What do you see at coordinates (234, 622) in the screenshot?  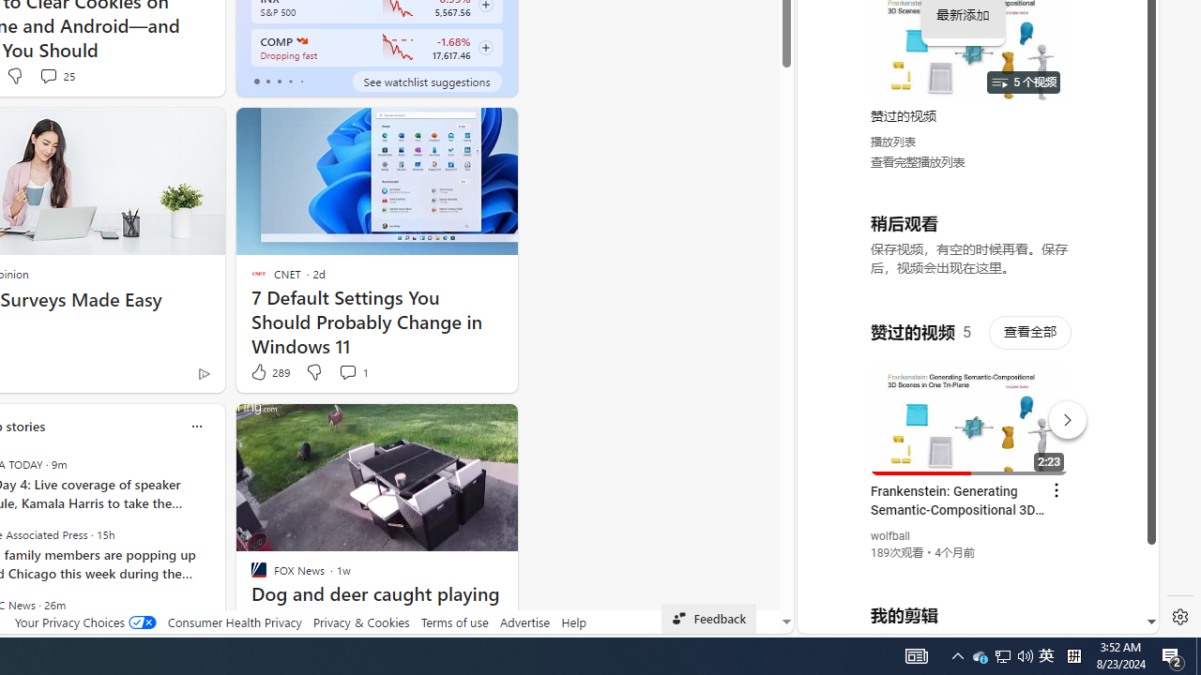 I see `'Consumer Health Privacy'` at bounding box center [234, 622].